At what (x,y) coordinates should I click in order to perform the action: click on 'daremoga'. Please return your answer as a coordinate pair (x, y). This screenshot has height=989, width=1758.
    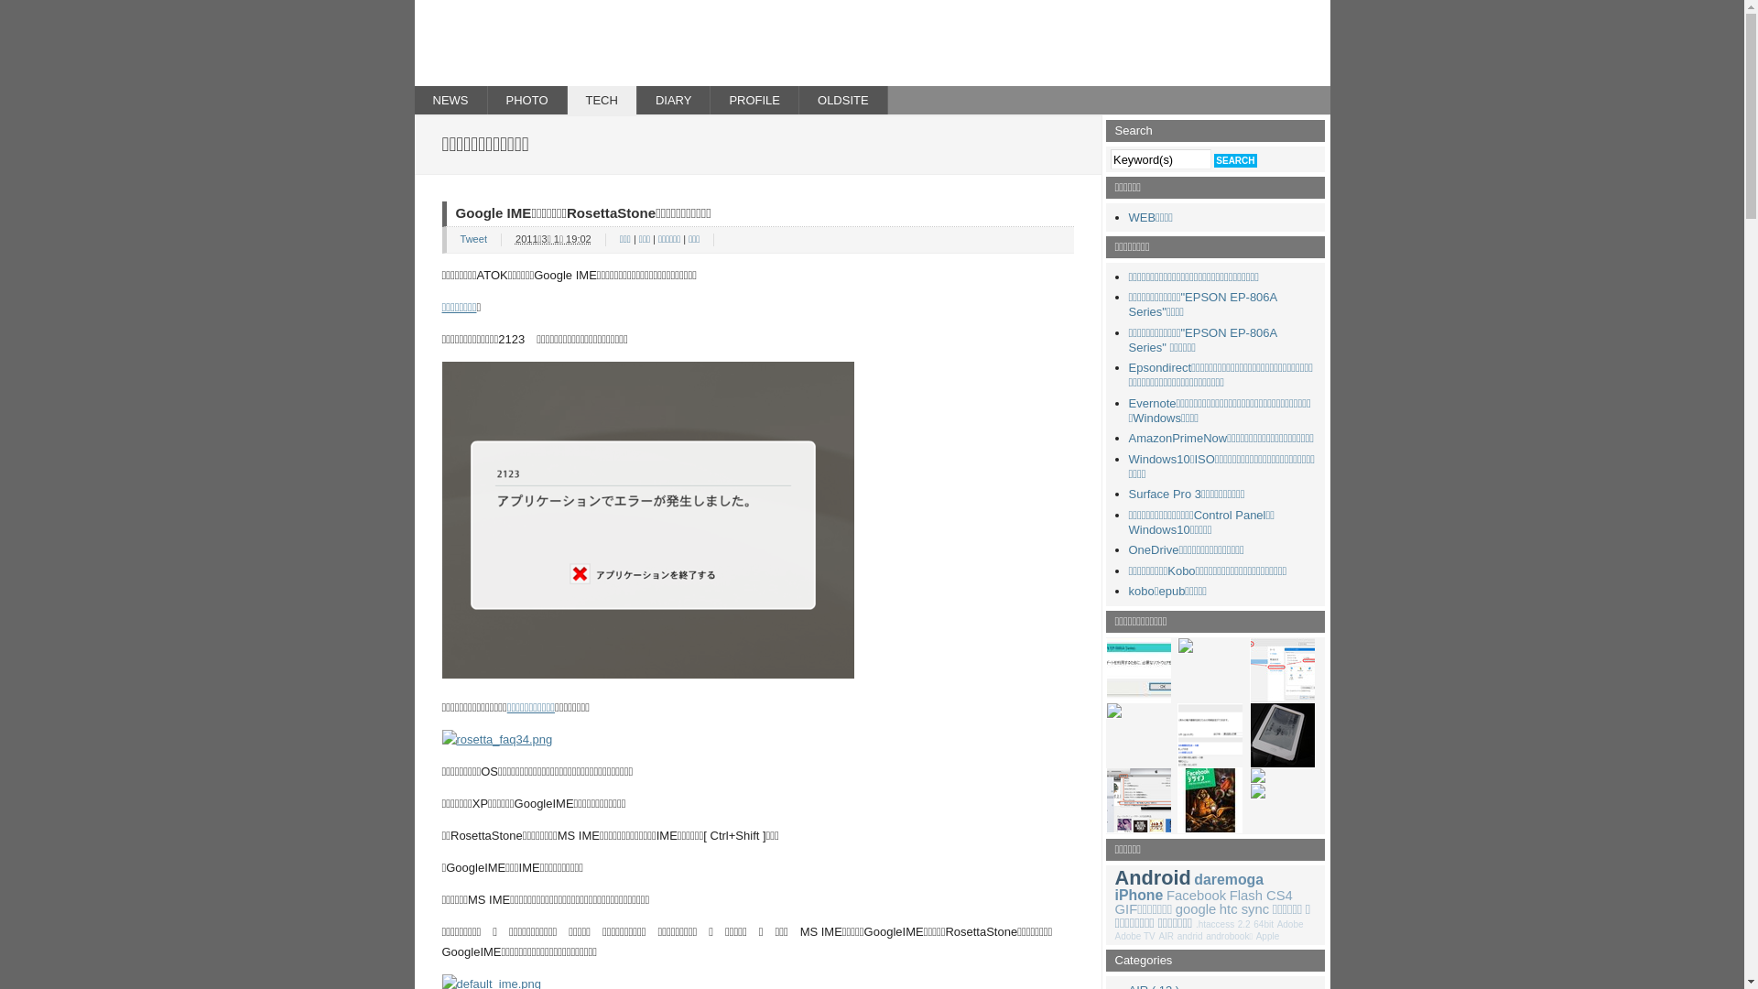
    Looking at the image, I should click on (1229, 878).